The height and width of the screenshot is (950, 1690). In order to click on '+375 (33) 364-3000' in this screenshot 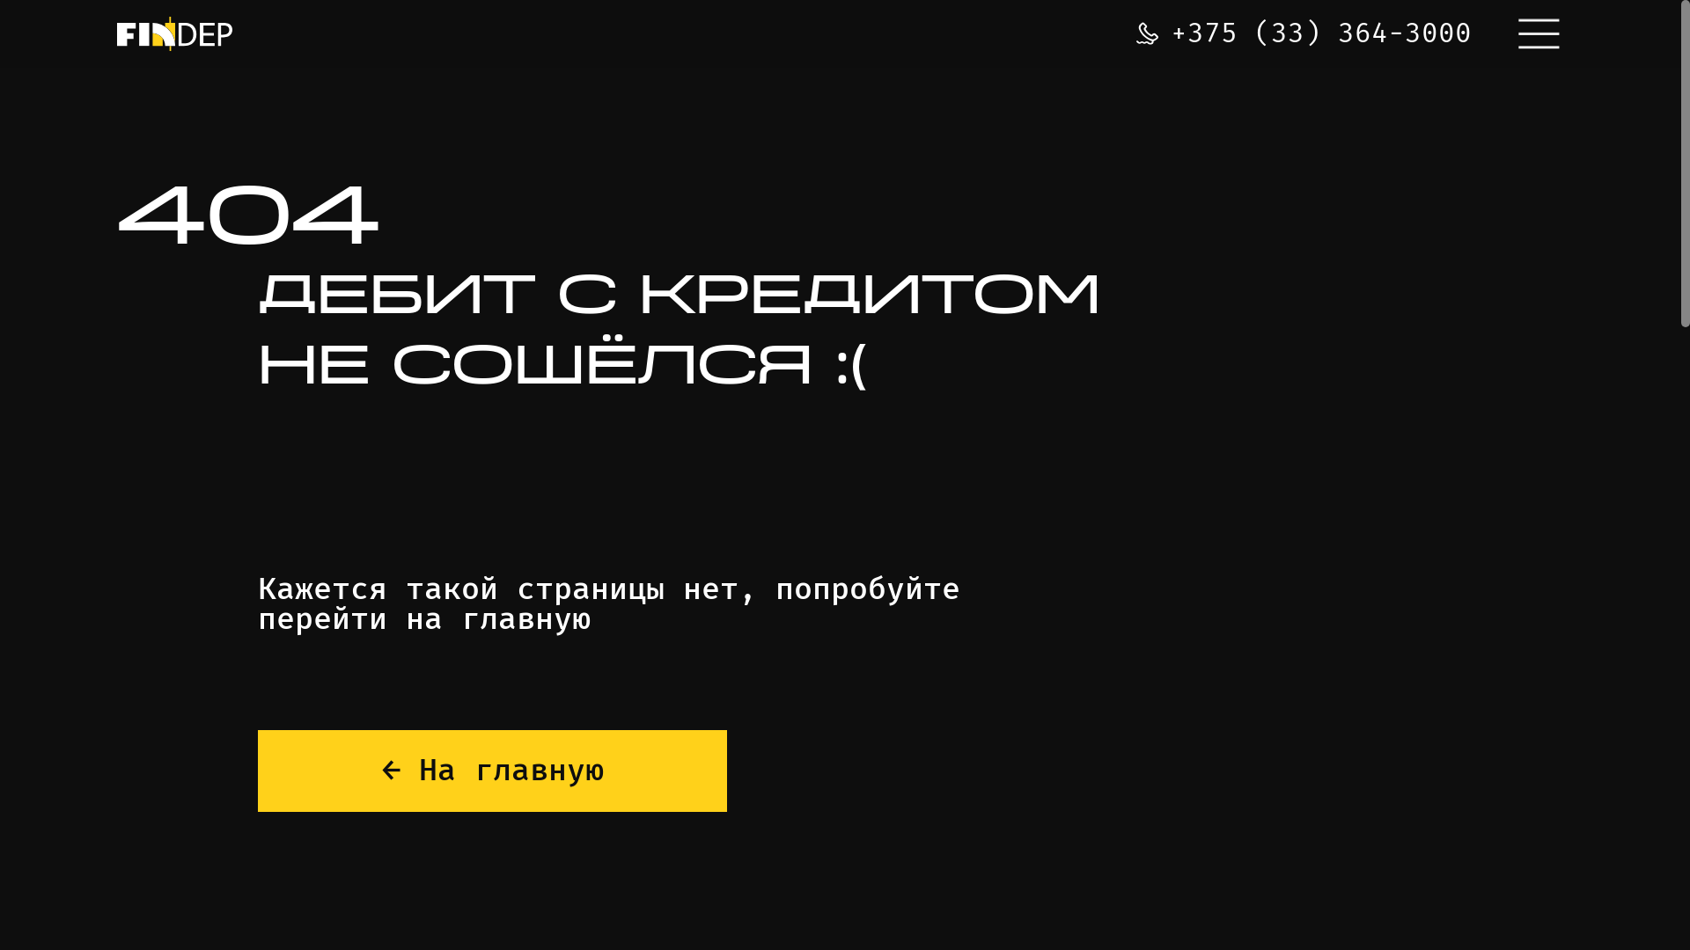, I will do `click(1304, 33)`.